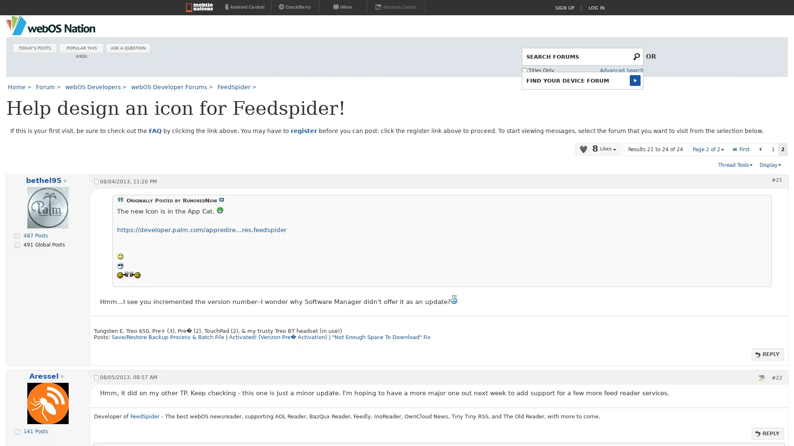  Describe the element at coordinates (636, 80) in the screenshot. I see `Submit` at that location.